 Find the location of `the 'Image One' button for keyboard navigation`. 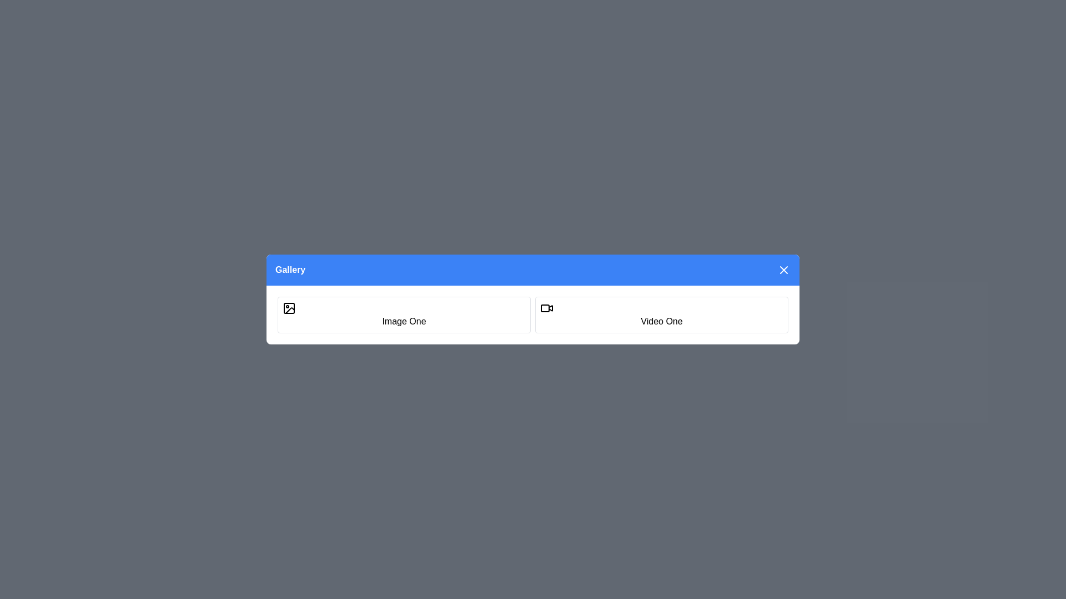

the 'Image One' button for keyboard navigation is located at coordinates (404, 314).